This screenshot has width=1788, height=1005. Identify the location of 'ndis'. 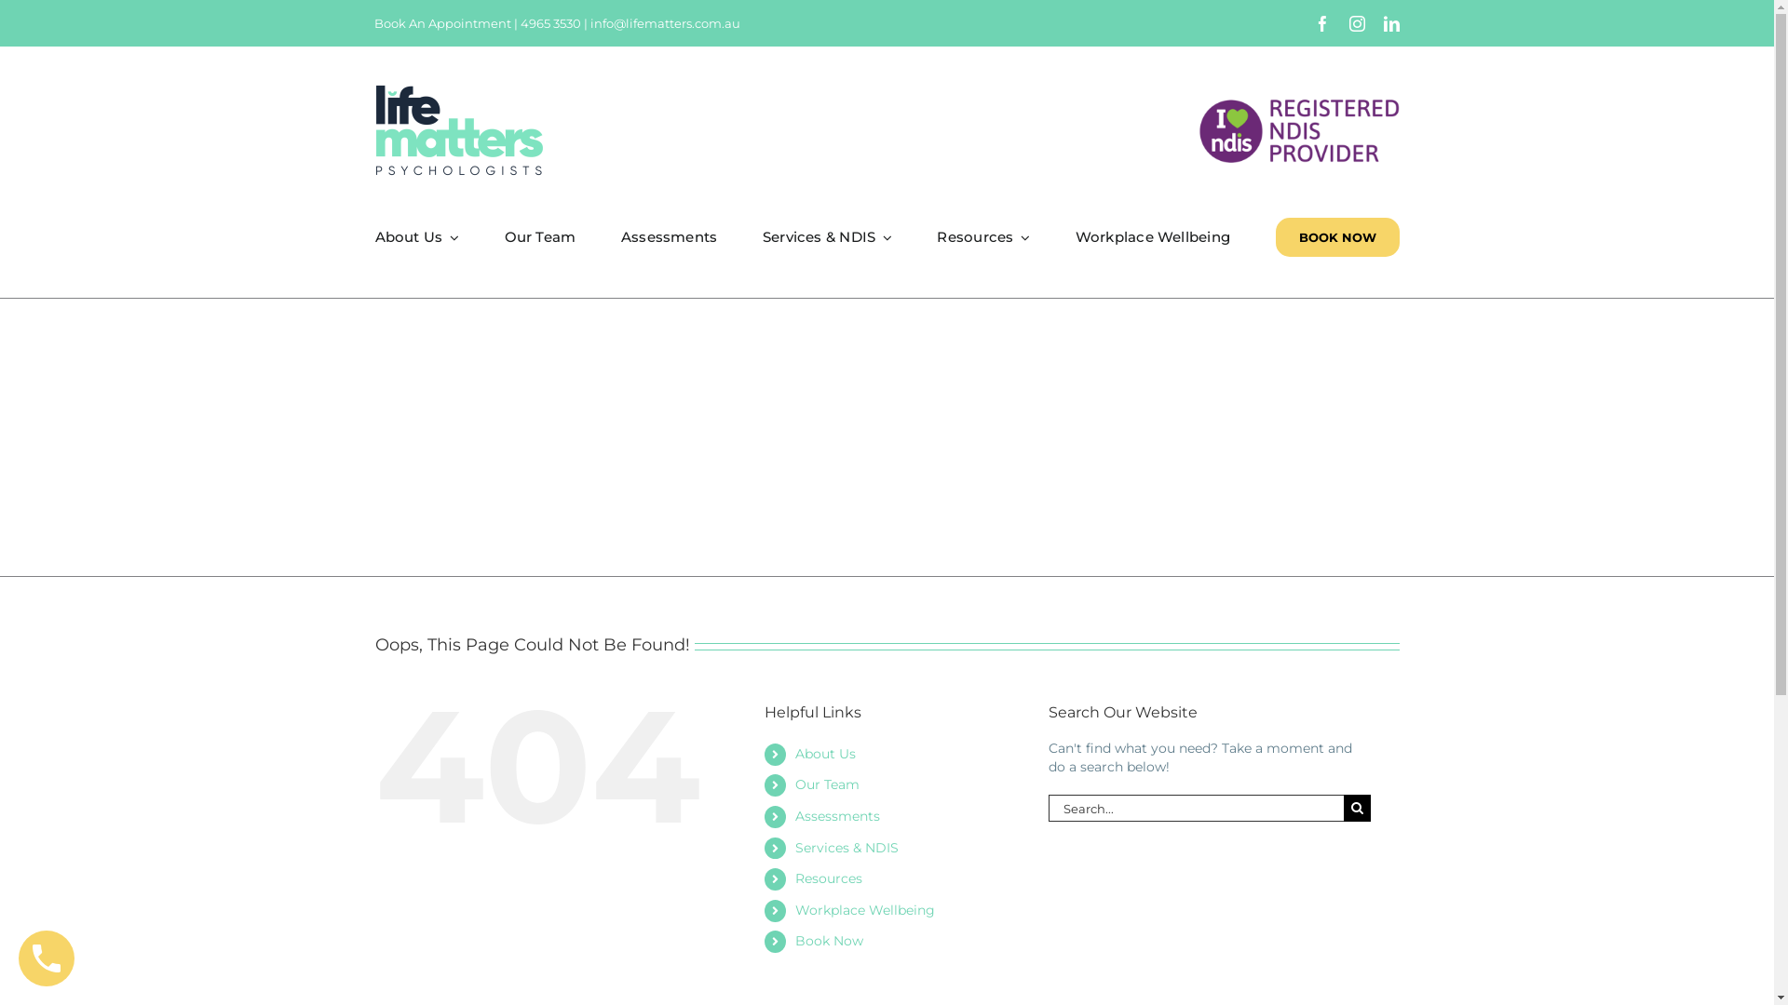
(1298, 128).